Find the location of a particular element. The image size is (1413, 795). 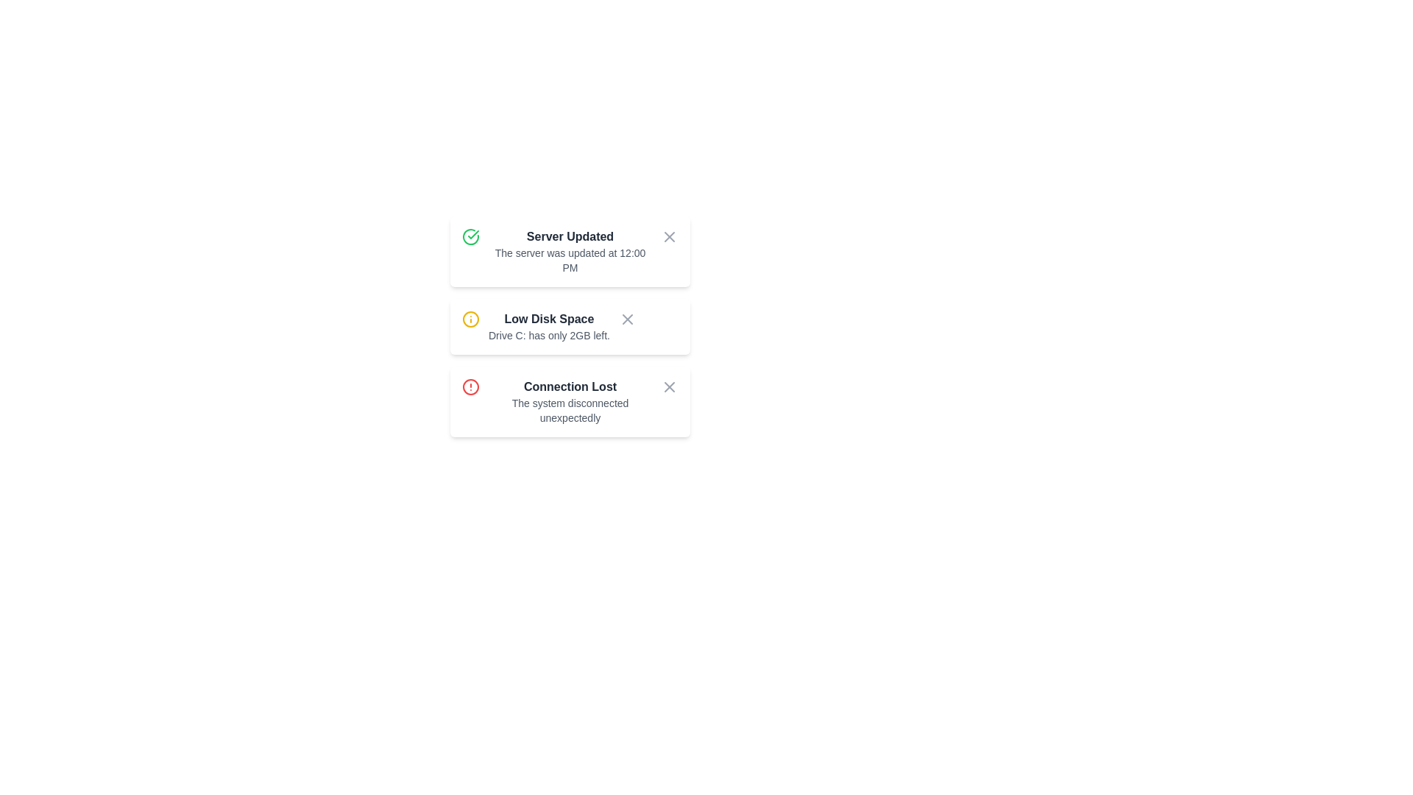

the text label that provides additional detail about the status of the server update, located beneath the title 'Server Updated' is located at coordinates (569, 260).